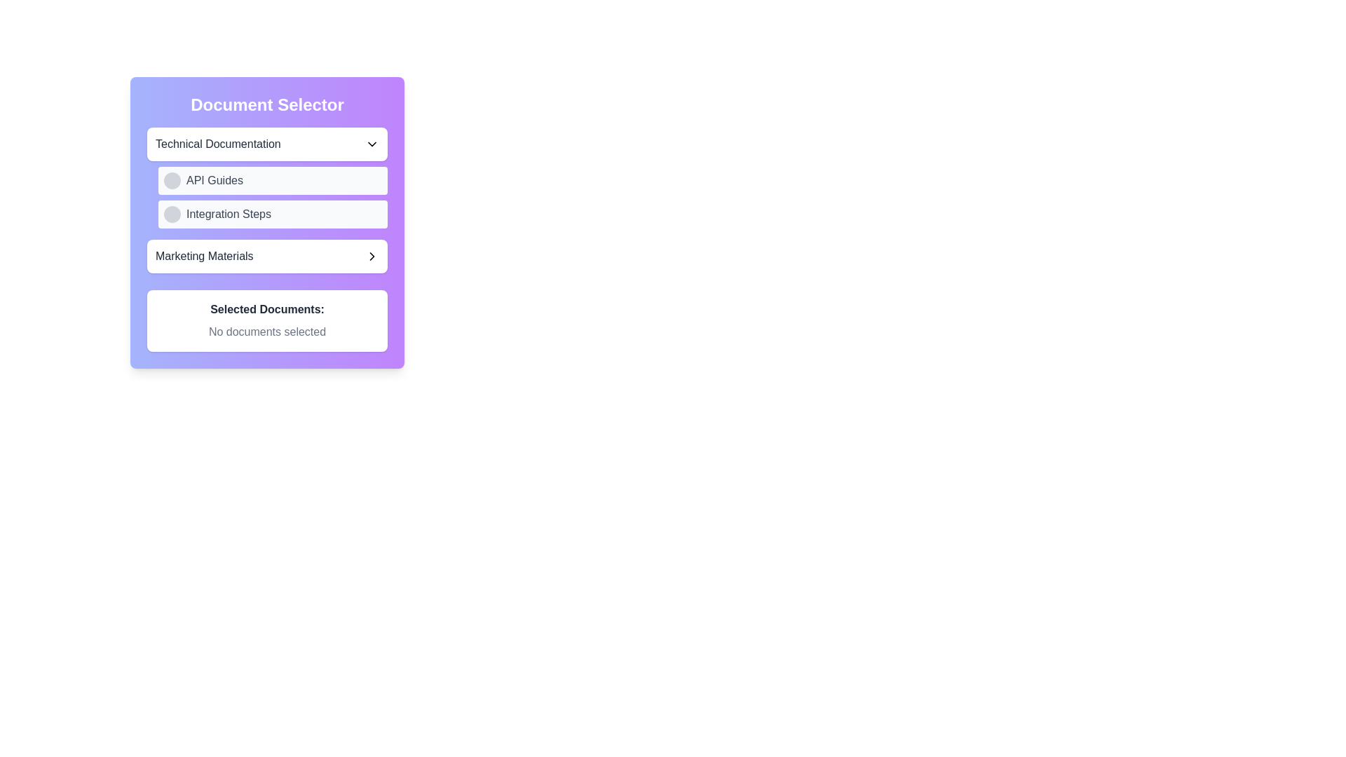 The height and width of the screenshot is (757, 1346). Describe the element at coordinates (203, 257) in the screenshot. I see `text 'Marketing Materials' from the text label located in the third interactive box of the 'Document Selector' panel` at that location.